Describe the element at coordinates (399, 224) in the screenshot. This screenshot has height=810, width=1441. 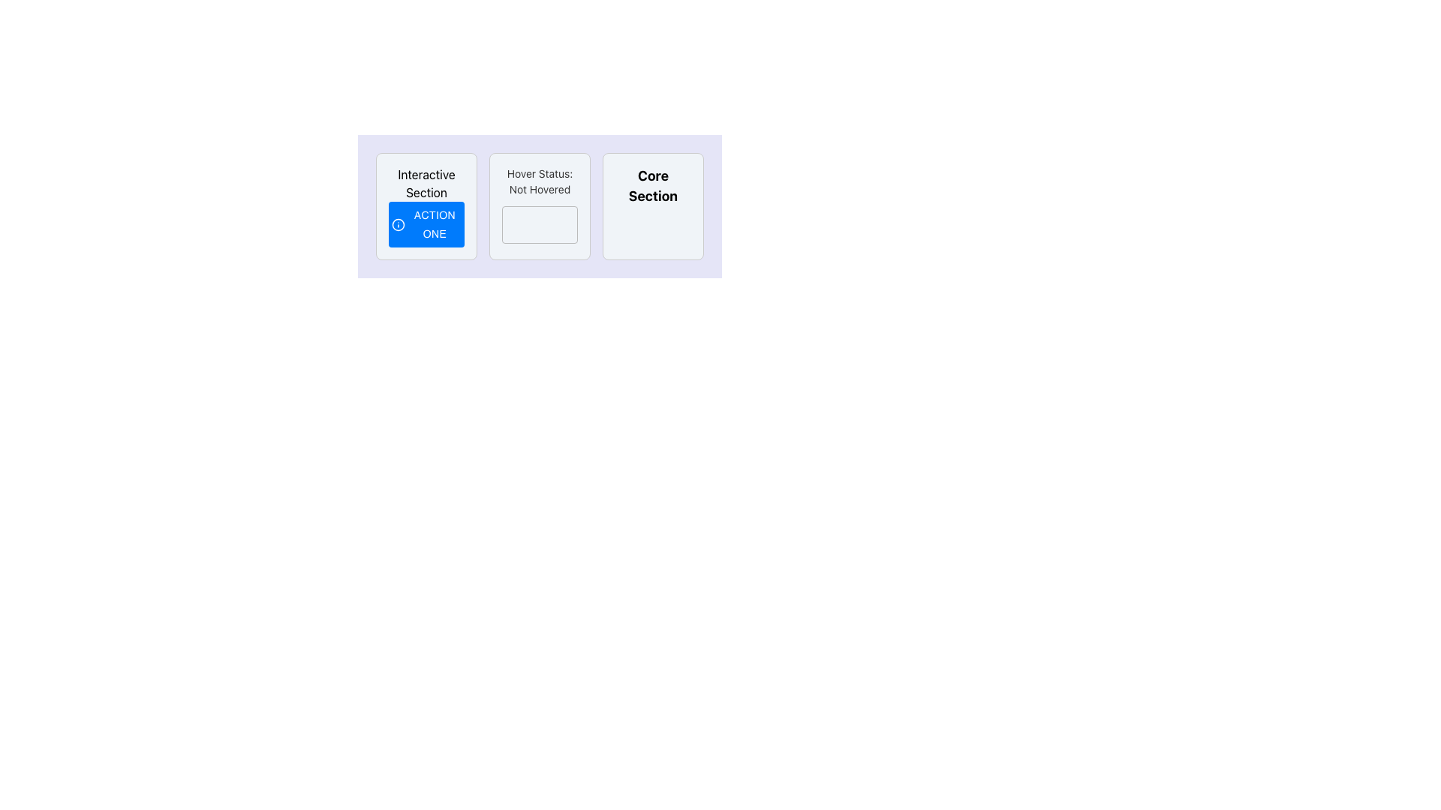
I see `the filled circular SVG Circle Element located within the 'Interactive Section'` at that location.